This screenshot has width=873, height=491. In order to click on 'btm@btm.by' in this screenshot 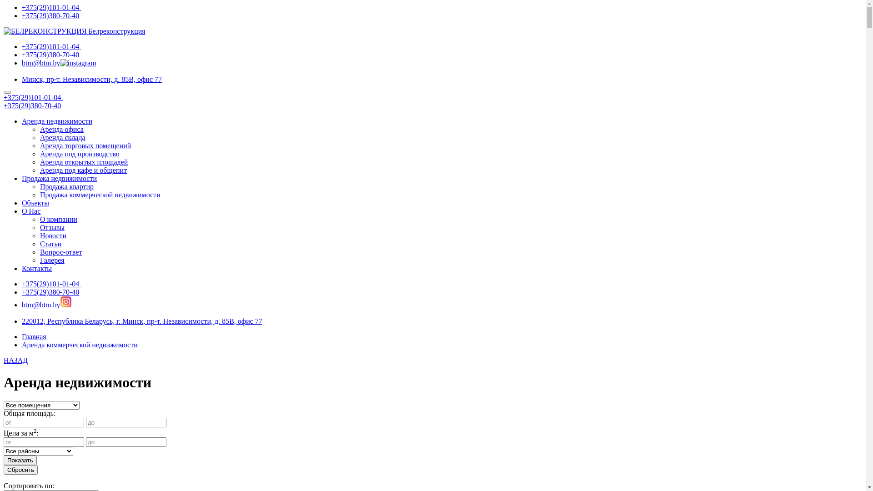, I will do `click(40, 305)`.